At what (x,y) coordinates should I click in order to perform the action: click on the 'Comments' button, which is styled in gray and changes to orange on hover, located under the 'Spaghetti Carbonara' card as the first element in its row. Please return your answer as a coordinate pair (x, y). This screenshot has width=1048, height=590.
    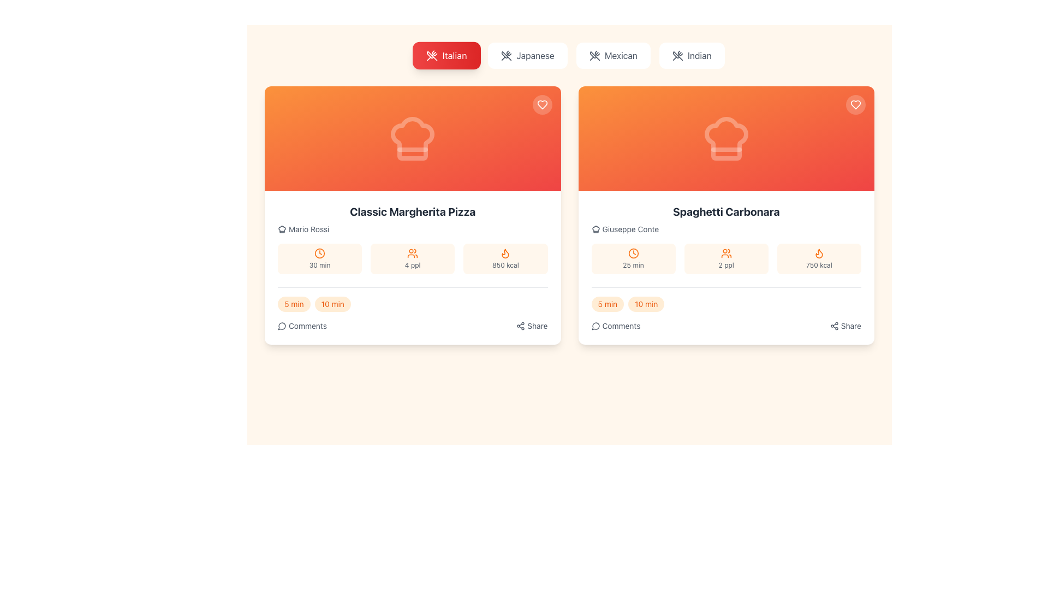
    Looking at the image, I should click on (616, 326).